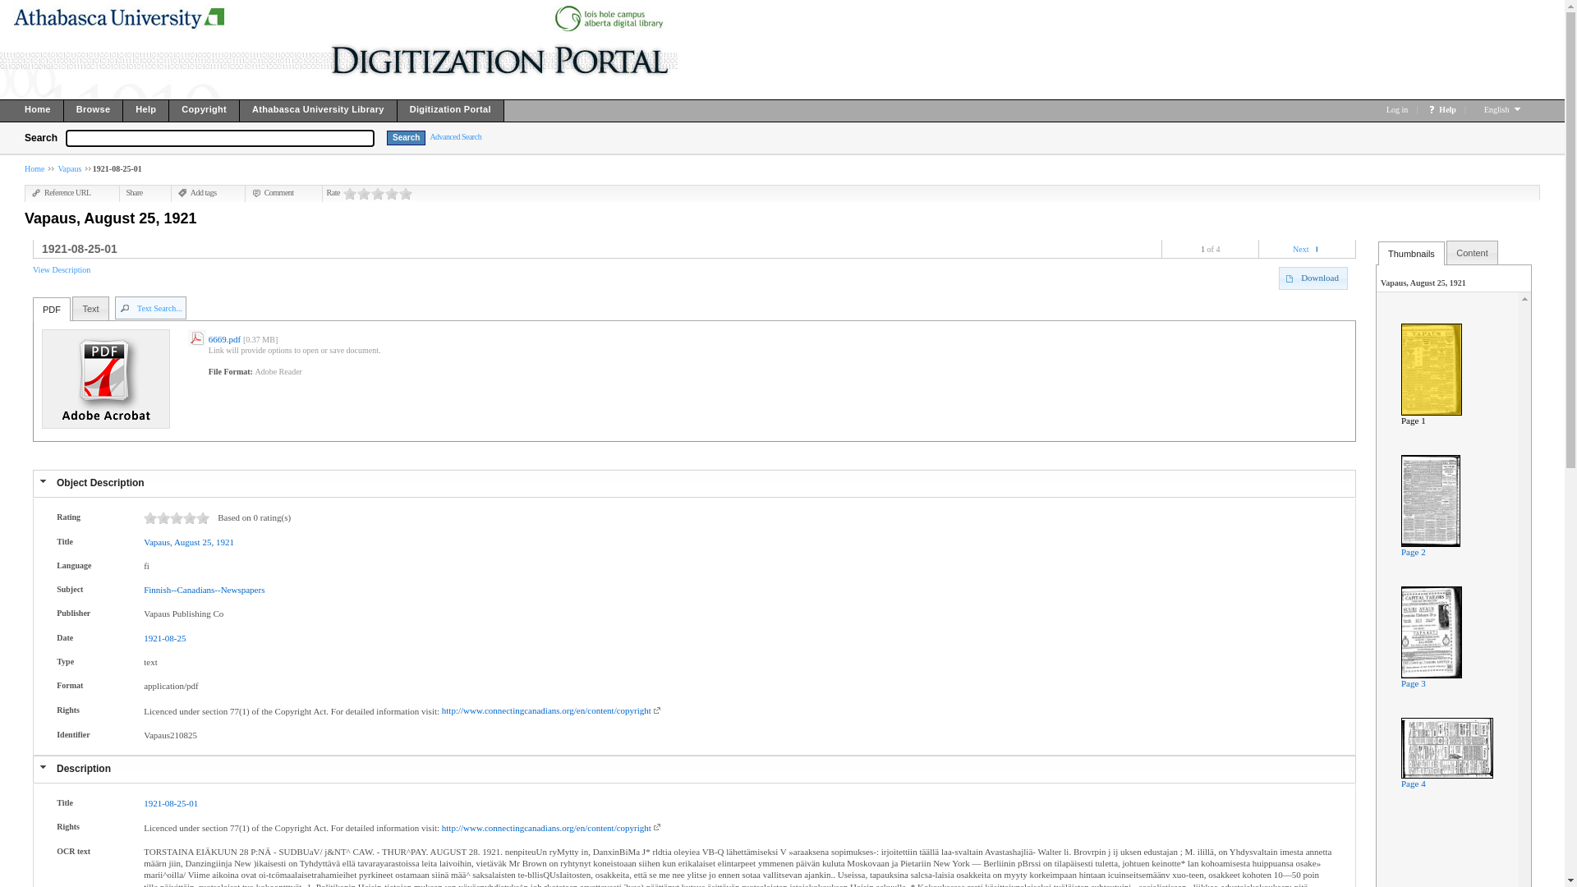 The width and height of the screenshot is (1577, 887). What do you see at coordinates (450, 112) in the screenshot?
I see `'Digitization Portal'` at bounding box center [450, 112].